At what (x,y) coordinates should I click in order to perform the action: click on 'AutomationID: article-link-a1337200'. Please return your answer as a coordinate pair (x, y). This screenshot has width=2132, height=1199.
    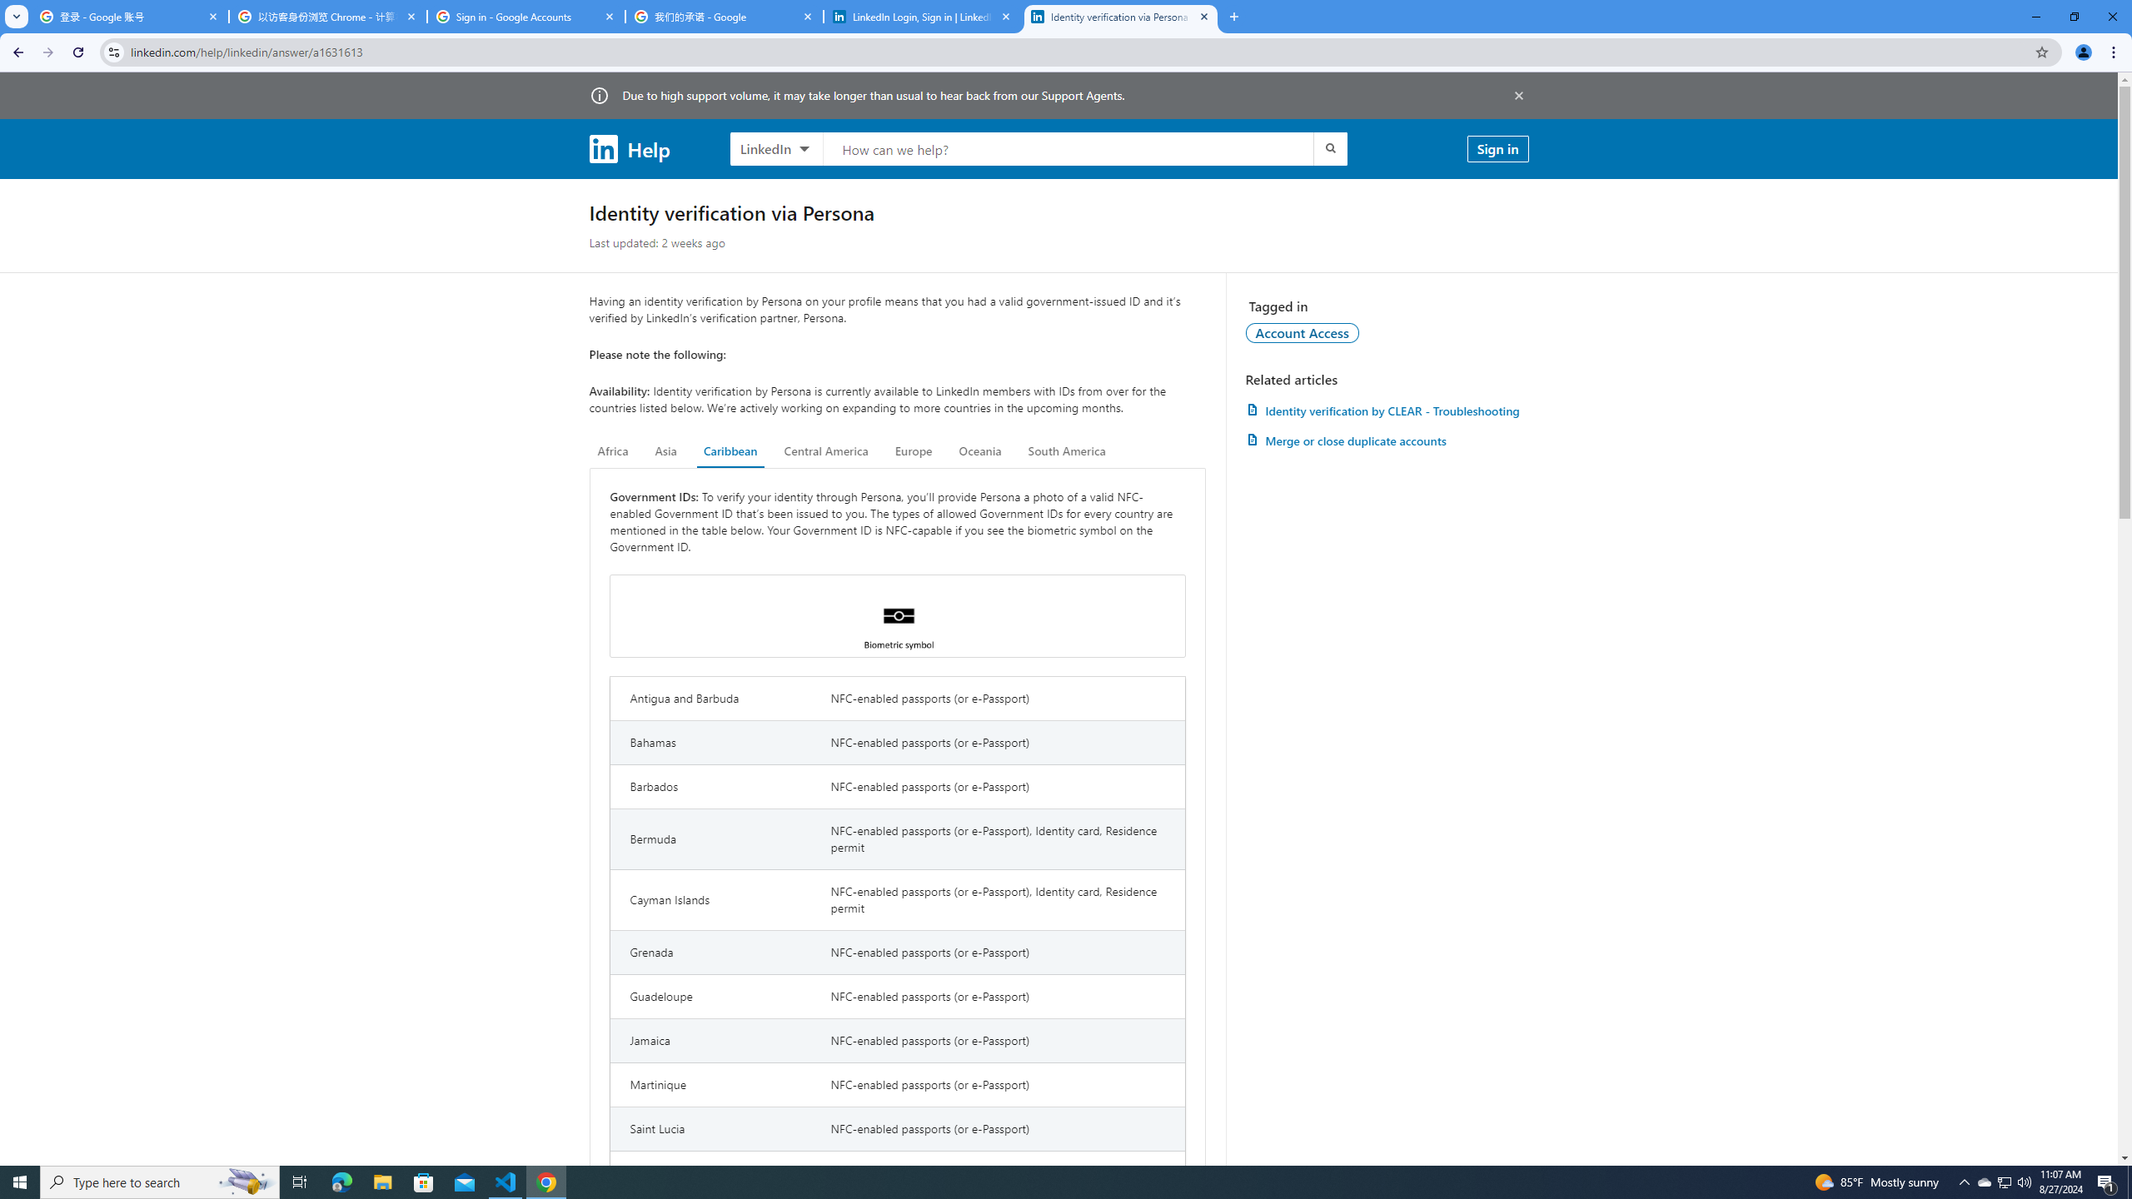
    Looking at the image, I should click on (1386, 440).